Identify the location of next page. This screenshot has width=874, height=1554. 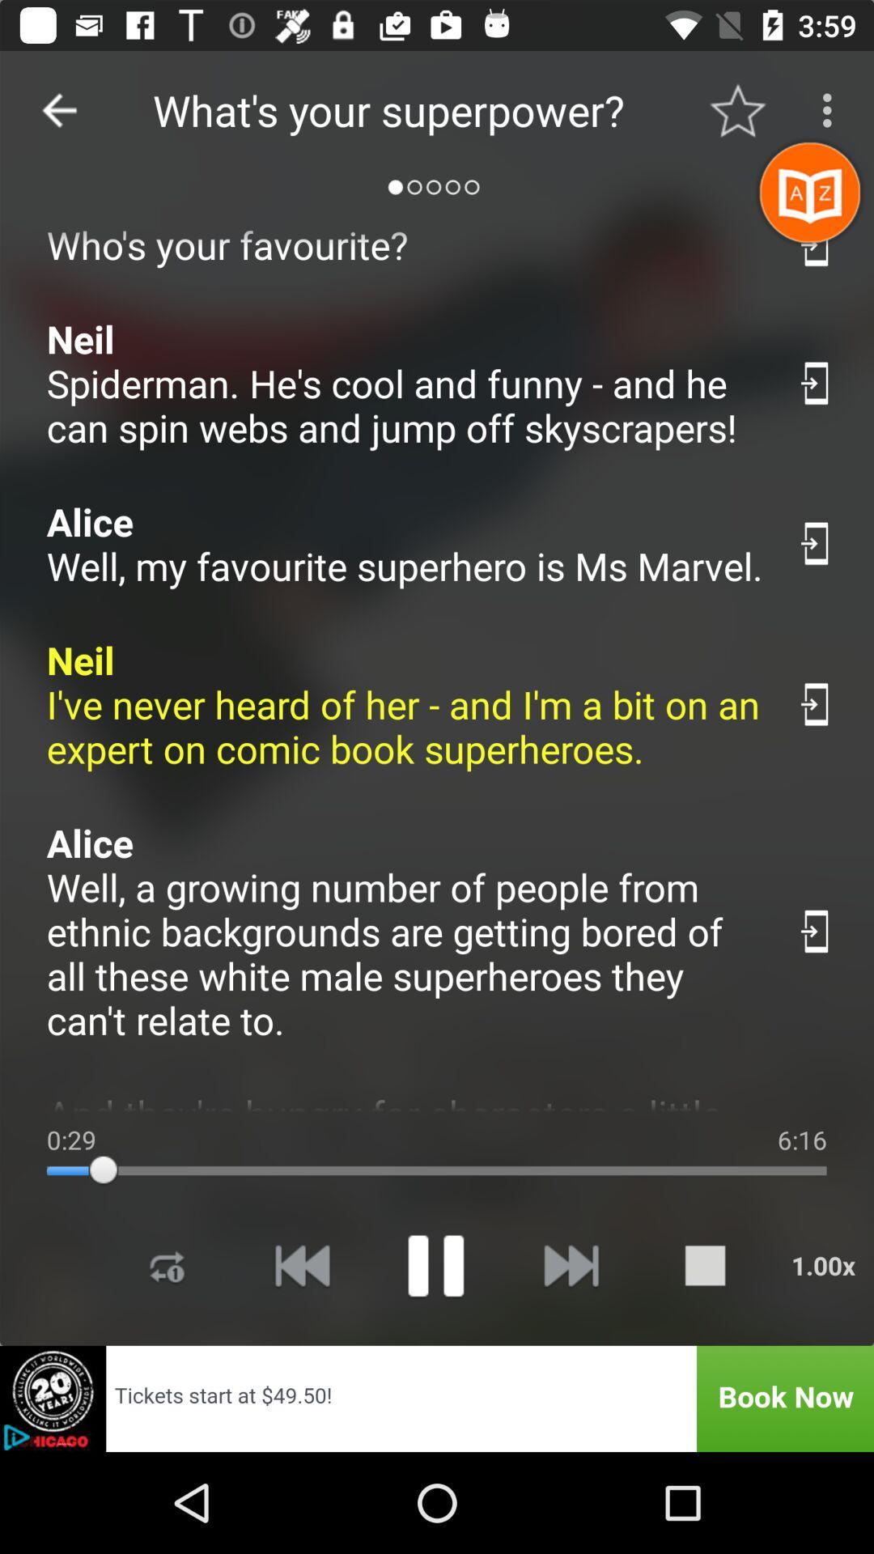
(570, 1264).